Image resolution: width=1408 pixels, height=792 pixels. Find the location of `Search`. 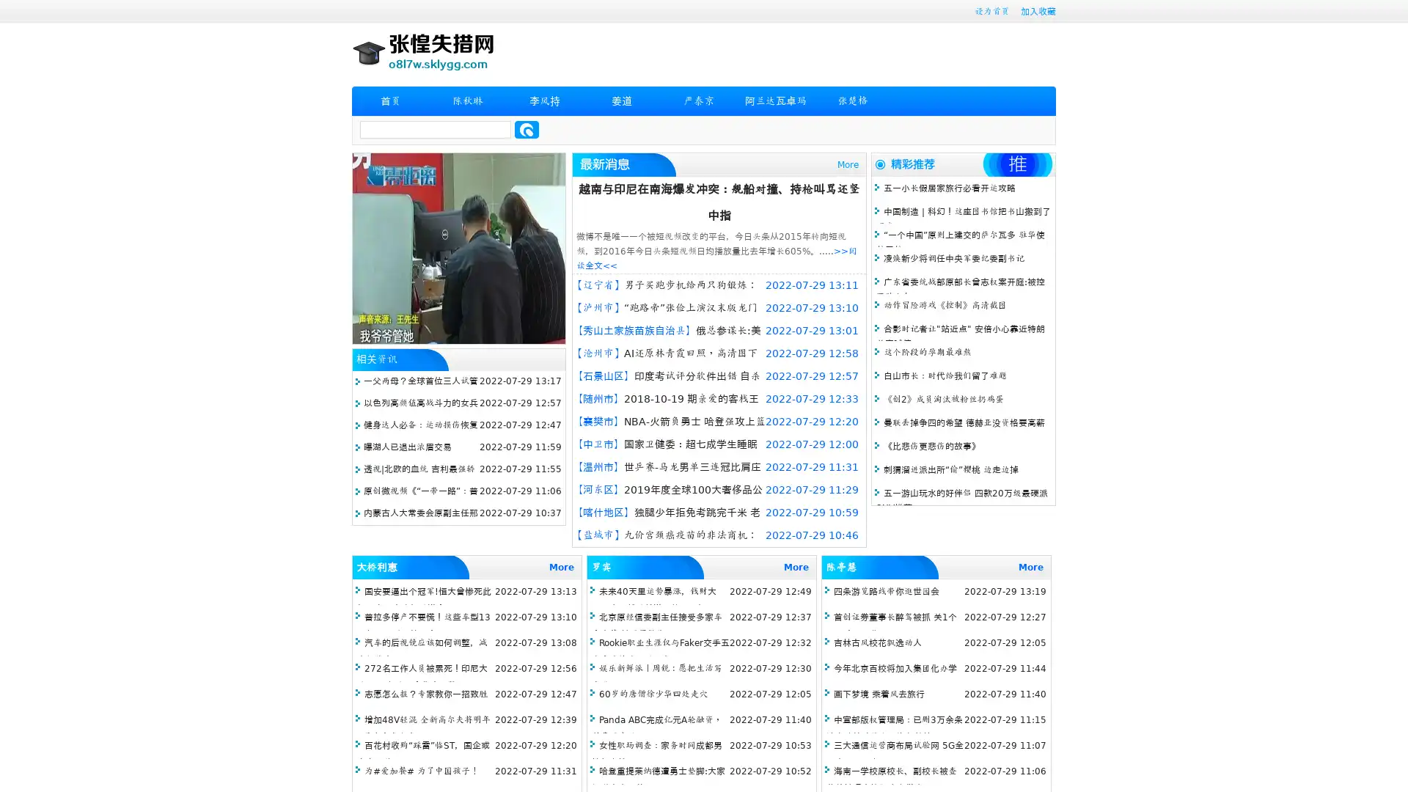

Search is located at coordinates (527, 129).